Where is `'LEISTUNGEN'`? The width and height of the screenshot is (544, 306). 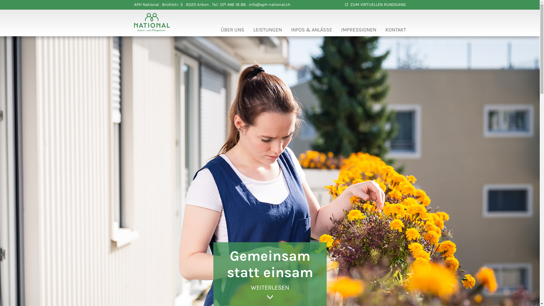 'LEISTUNGEN' is located at coordinates (267, 31).